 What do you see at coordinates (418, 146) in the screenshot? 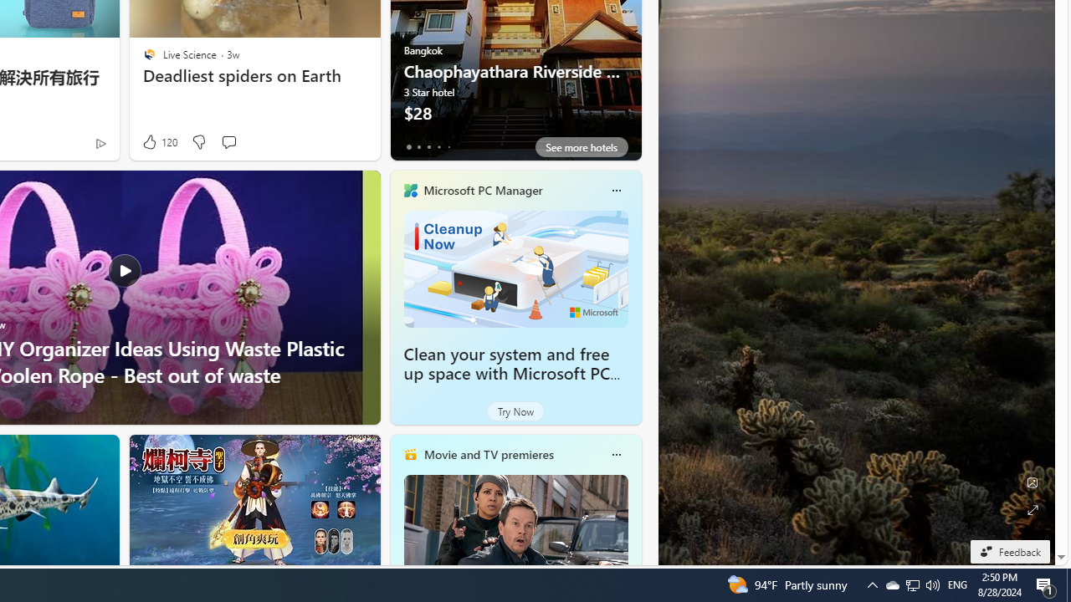
I see `'tab-1'` at bounding box center [418, 146].